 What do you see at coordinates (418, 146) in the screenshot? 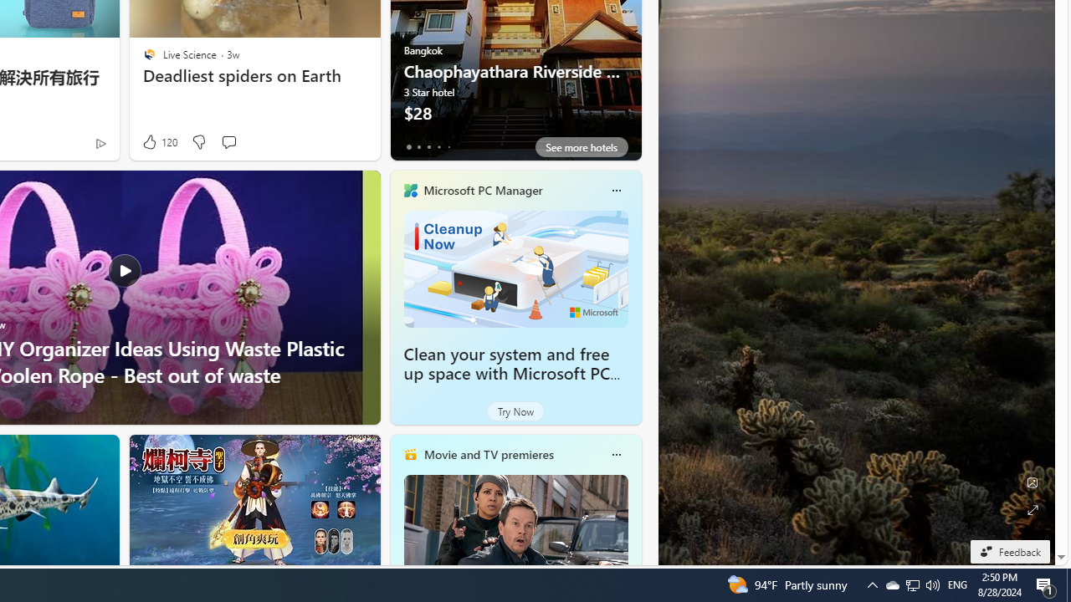
I see `'tab-1'` at bounding box center [418, 146].